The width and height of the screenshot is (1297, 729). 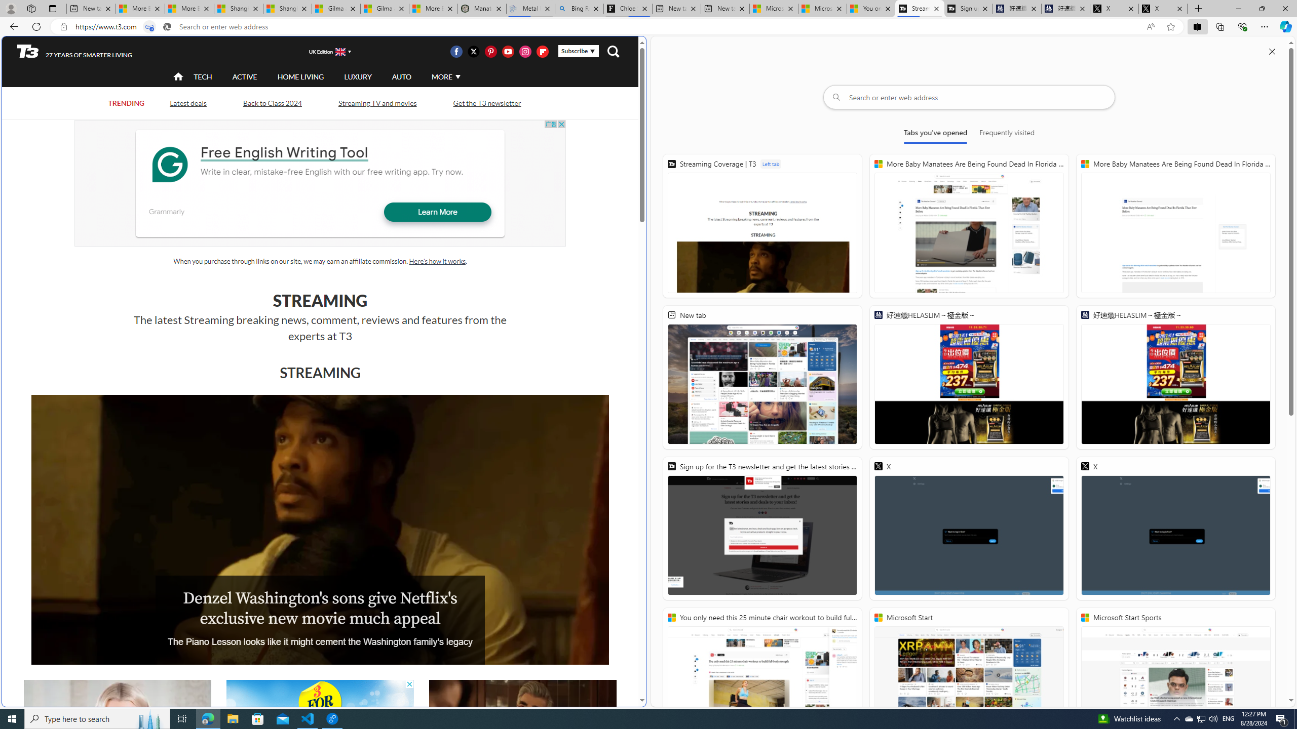 What do you see at coordinates (473, 51) in the screenshot?
I see `'Visit us on Twitter'` at bounding box center [473, 51].